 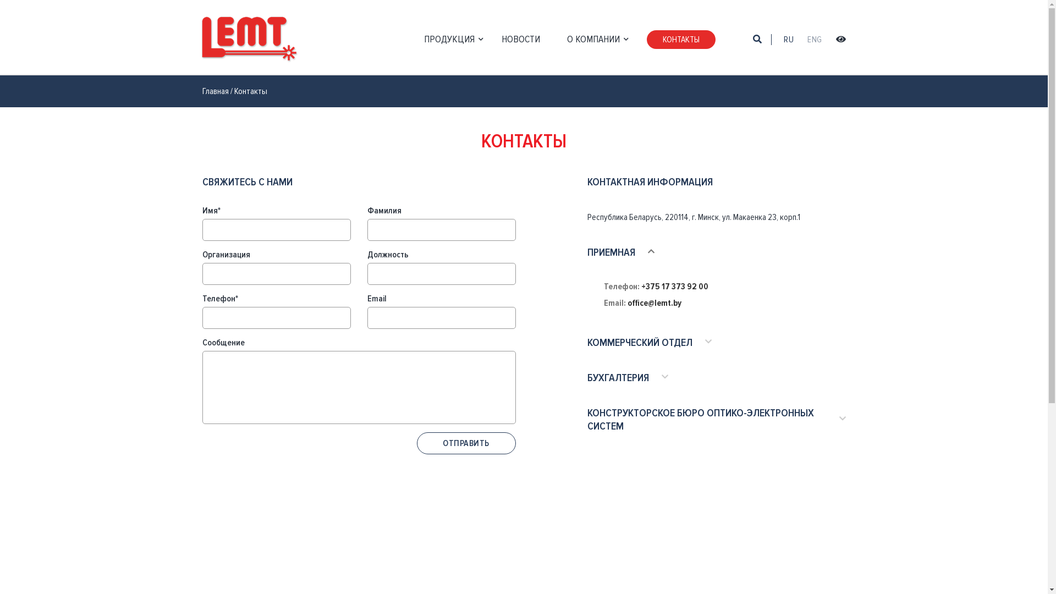 What do you see at coordinates (788, 39) in the screenshot?
I see `'RU'` at bounding box center [788, 39].